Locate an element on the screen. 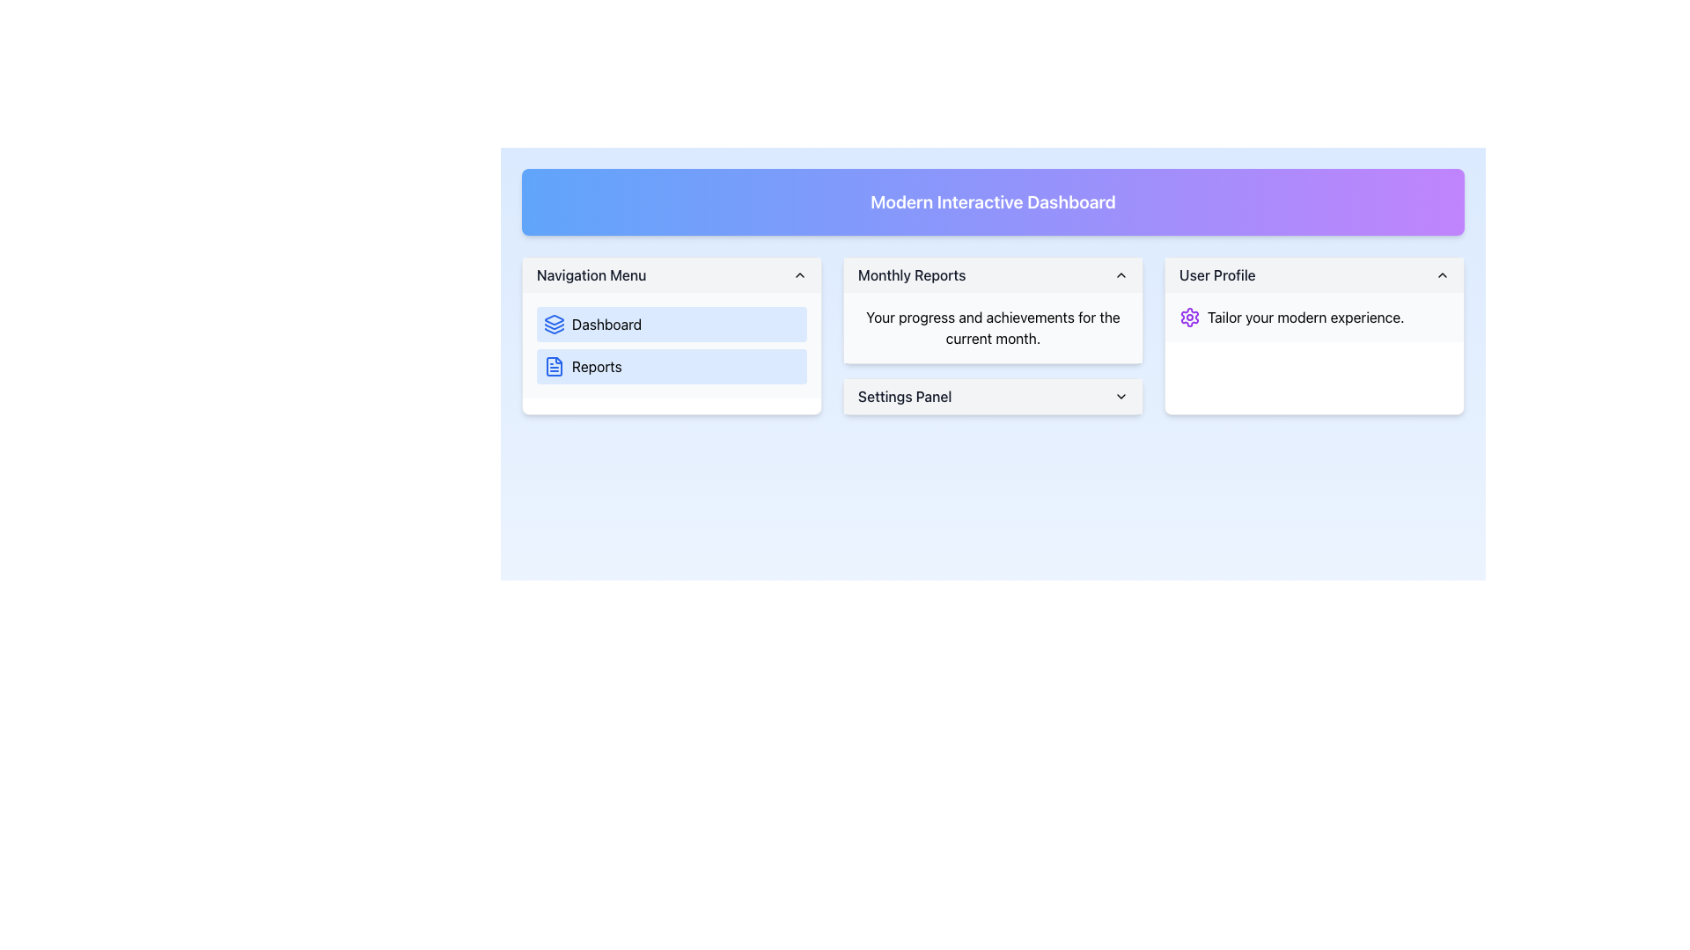 This screenshot has height=950, width=1690. the 'User Profile' card located in the bottom-right section of the interface is located at coordinates (1314, 335).